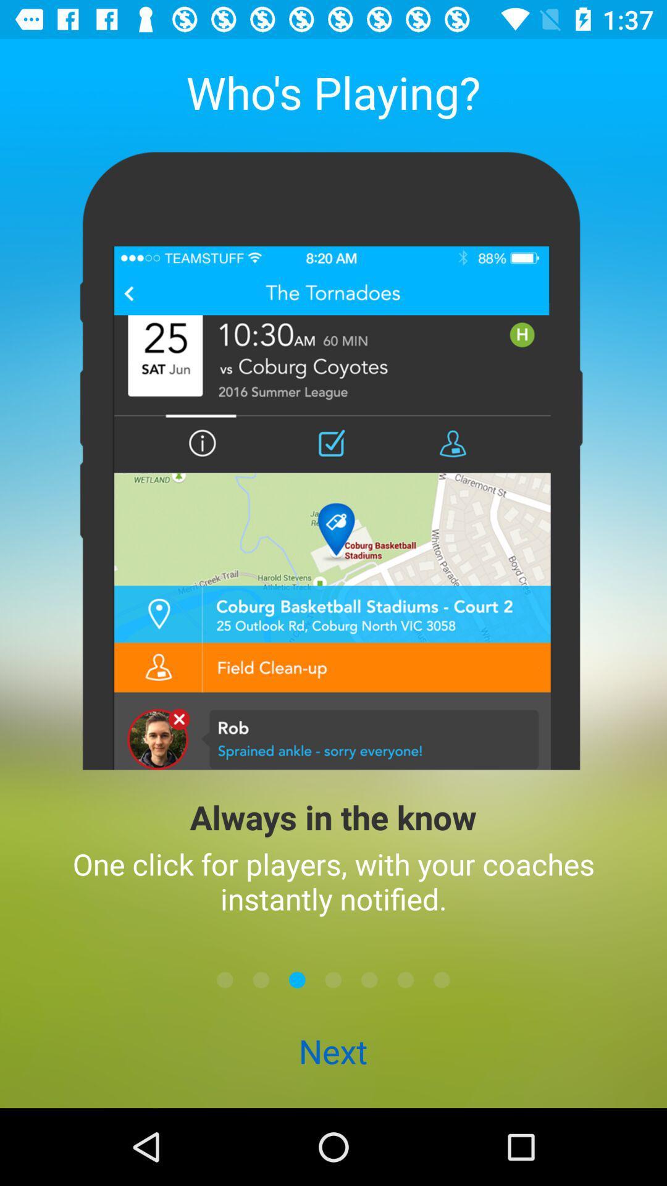 The image size is (667, 1186). I want to click on slide, so click(405, 979).